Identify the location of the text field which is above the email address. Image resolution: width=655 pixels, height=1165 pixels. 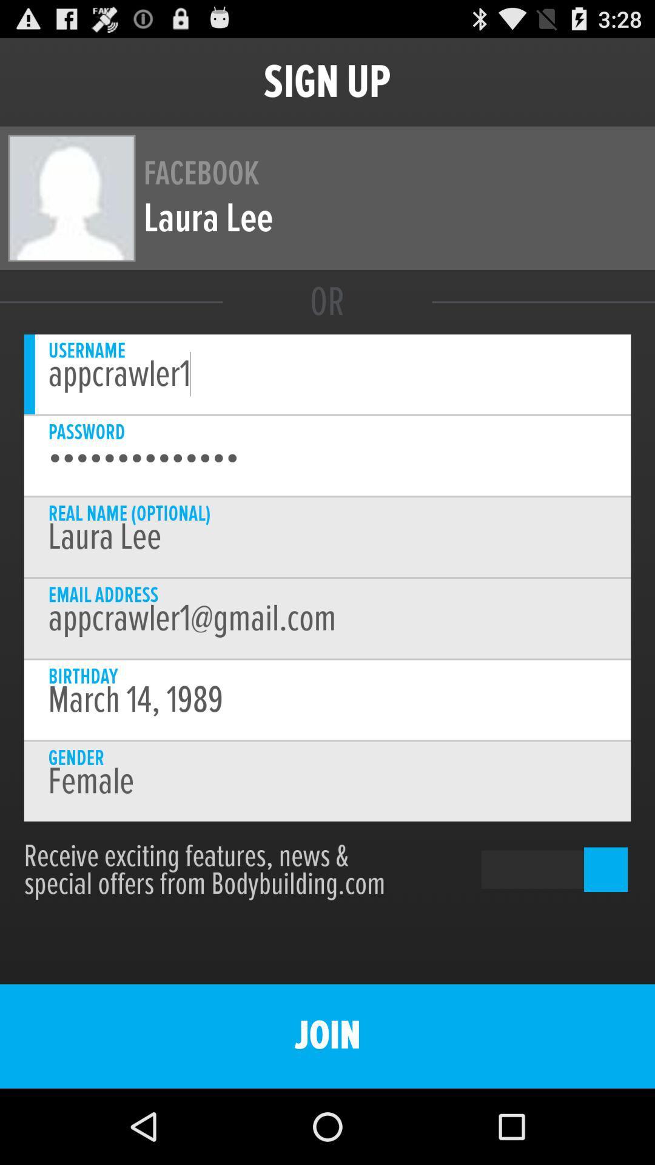
(327, 536).